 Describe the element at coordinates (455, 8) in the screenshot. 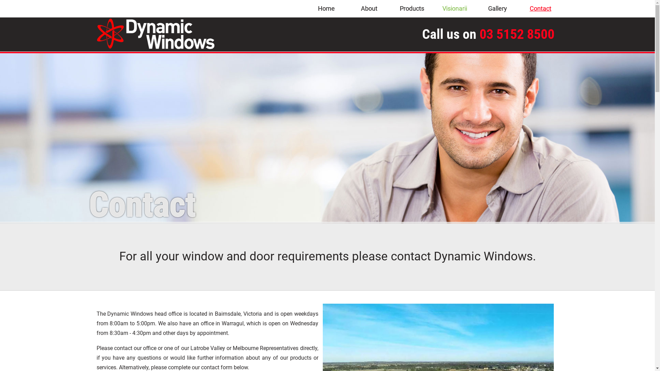

I see `'Visionarii'` at that location.